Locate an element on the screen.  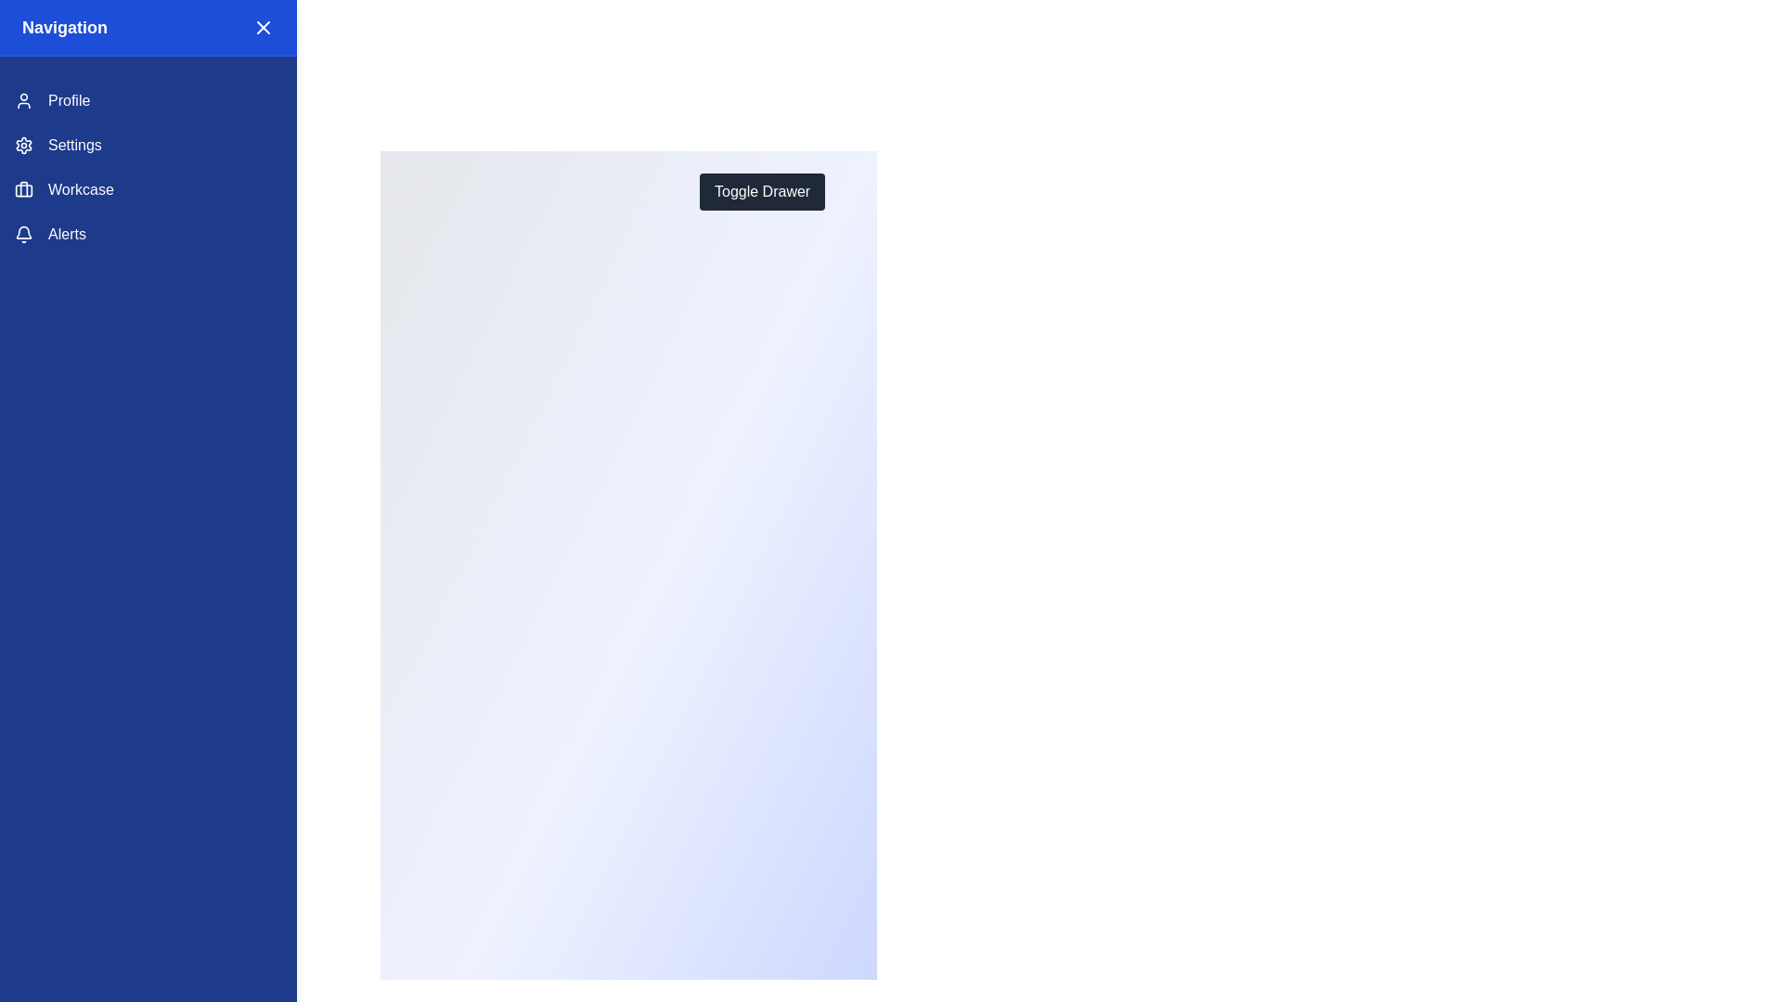
the menu item Settings from the navigation drawer is located at coordinates (147, 145).